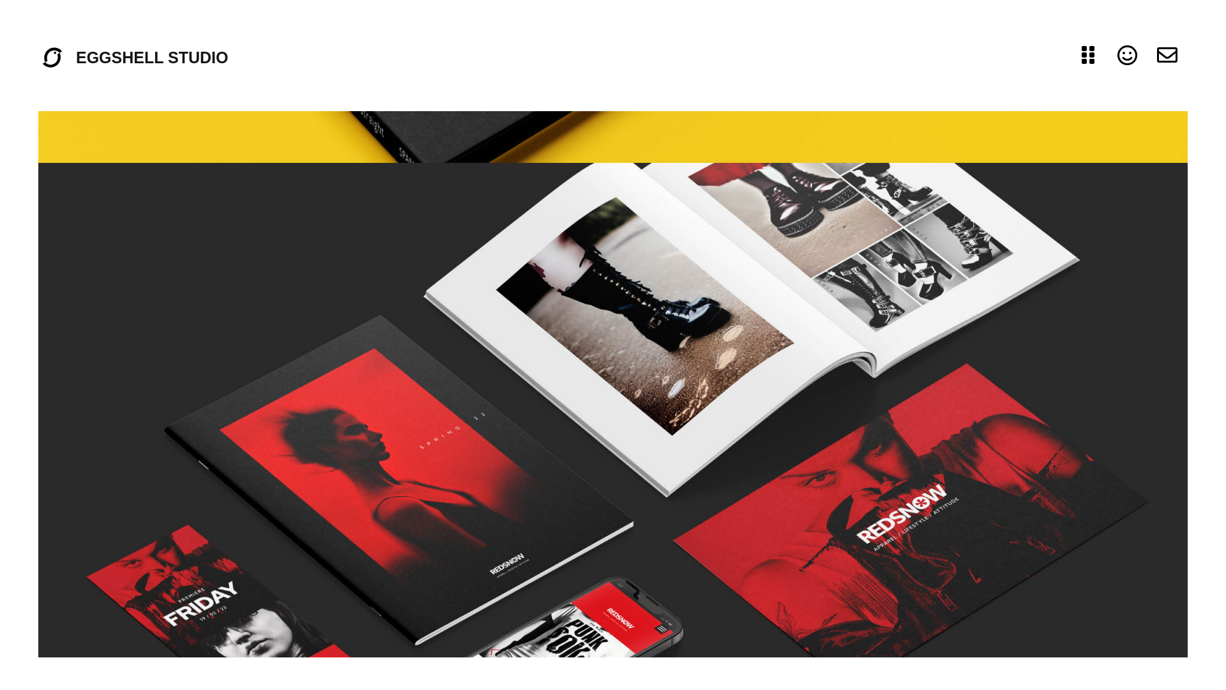  What do you see at coordinates (152, 56) in the screenshot?
I see `'EGGSHELL STUDIO'` at bounding box center [152, 56].